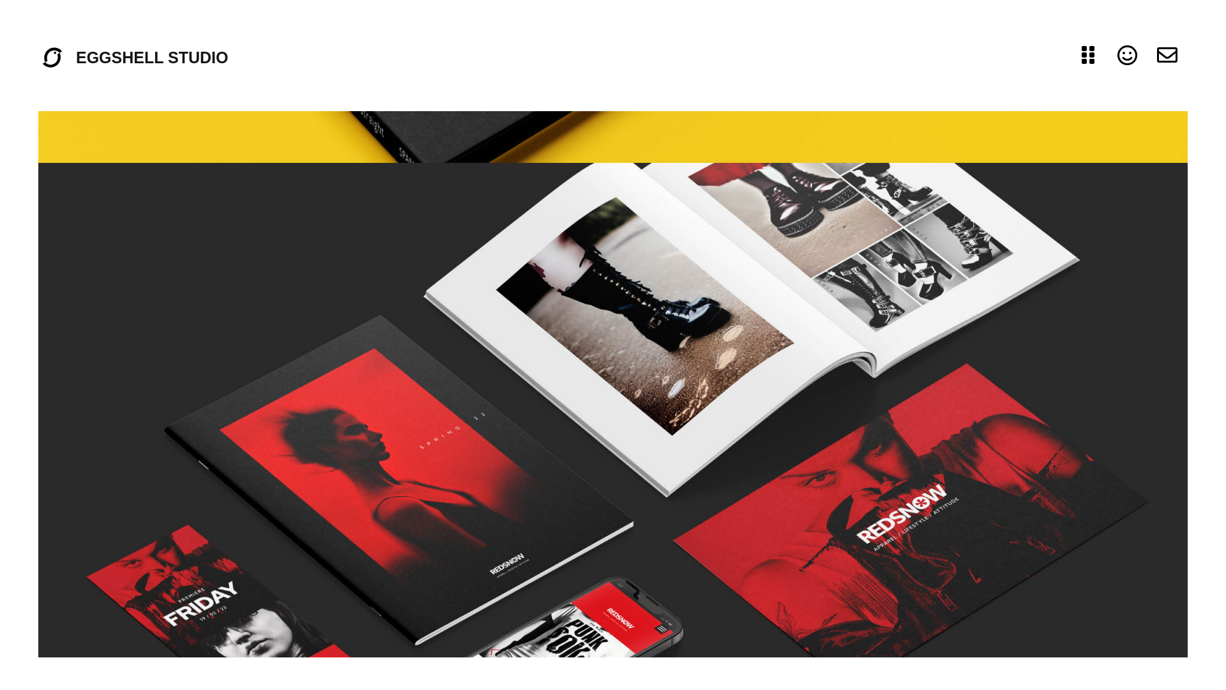  What do you see at coordinates (152, 56) in the screenshot?
I see `'EGGSHELL STUDIO'` at bounding box center [152, 56].